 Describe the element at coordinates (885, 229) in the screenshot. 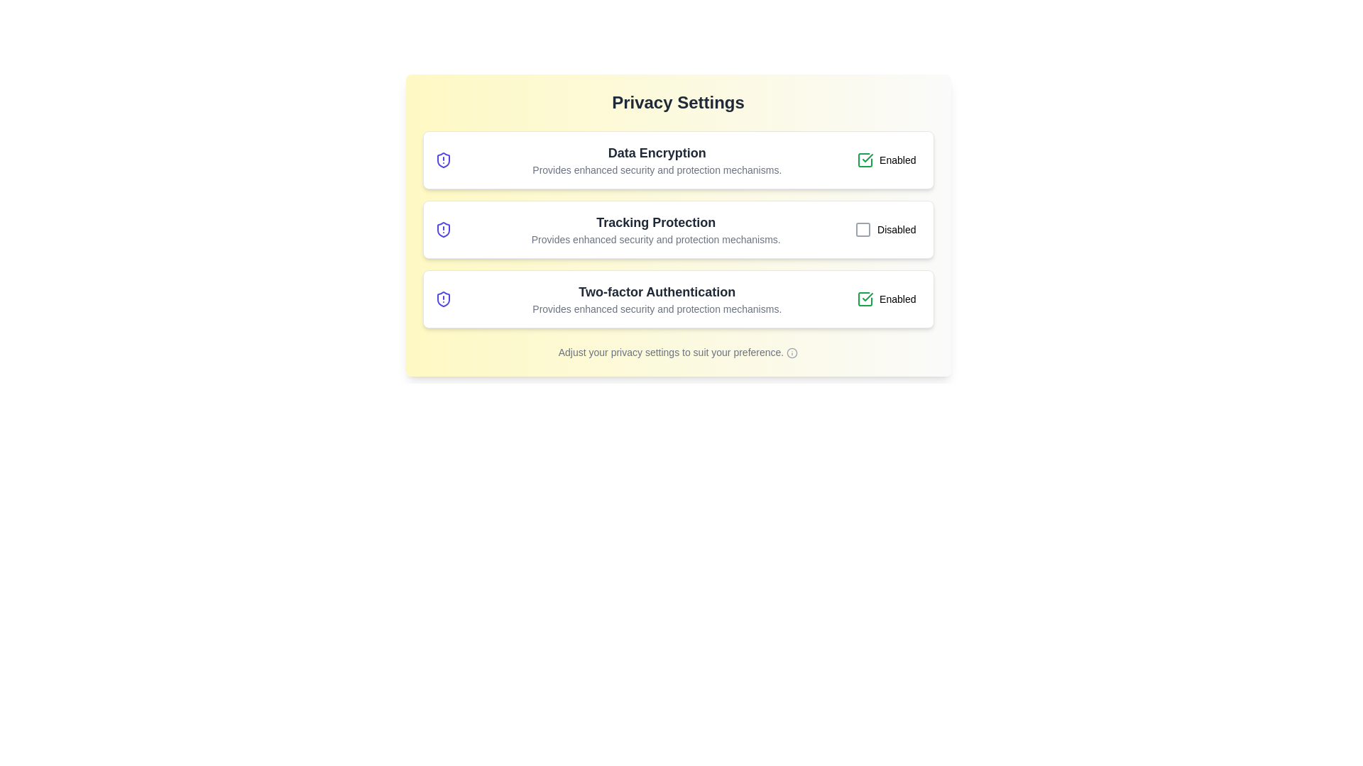

I see `the 'Disabled' checkbox in the 'Tracking Protection' settings section` at that location.